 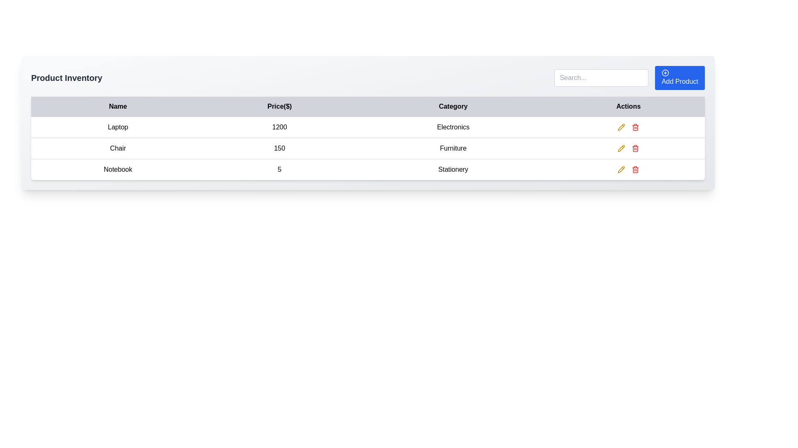 I want to click on the 'Furniture' category label in the table, so click(x=453, y=148).